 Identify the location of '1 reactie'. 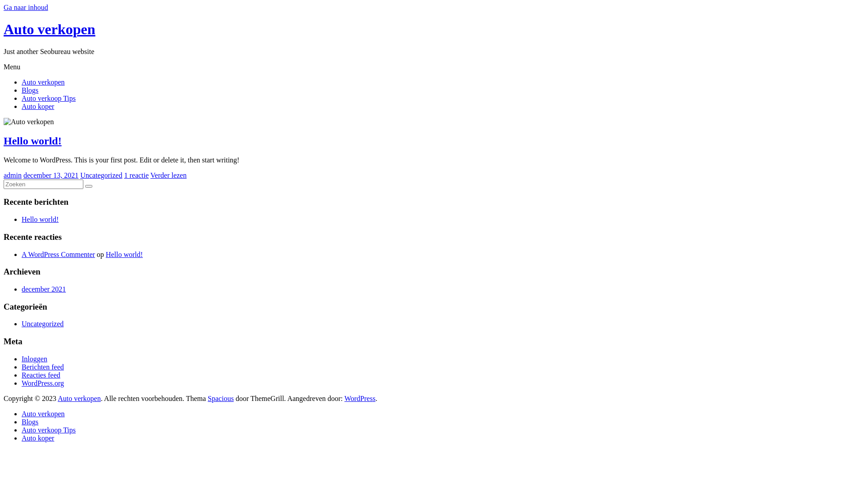
(136, 175).